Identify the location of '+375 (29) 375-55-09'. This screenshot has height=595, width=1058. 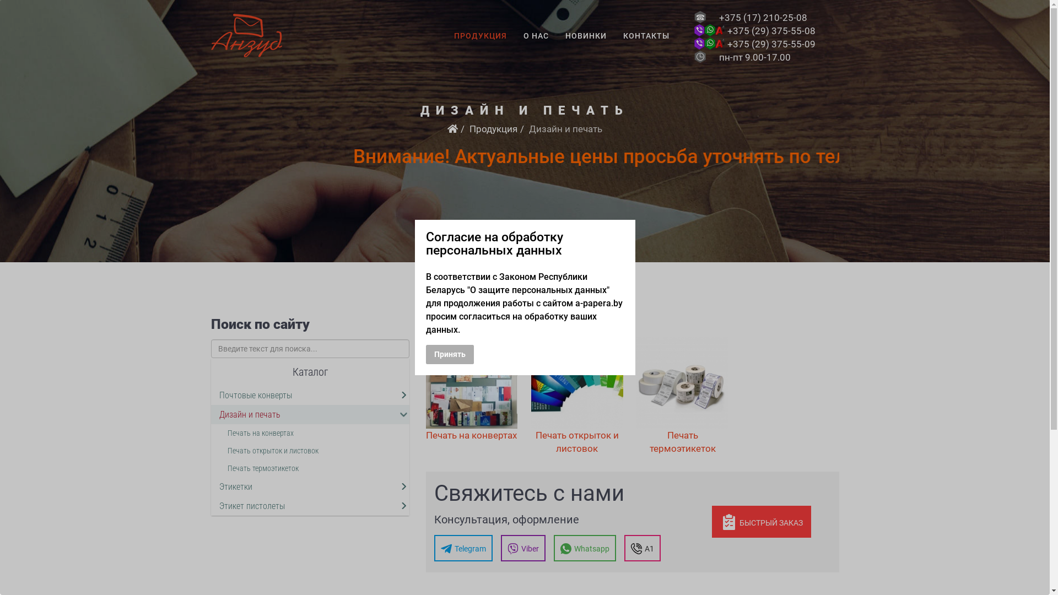
(771, 44).